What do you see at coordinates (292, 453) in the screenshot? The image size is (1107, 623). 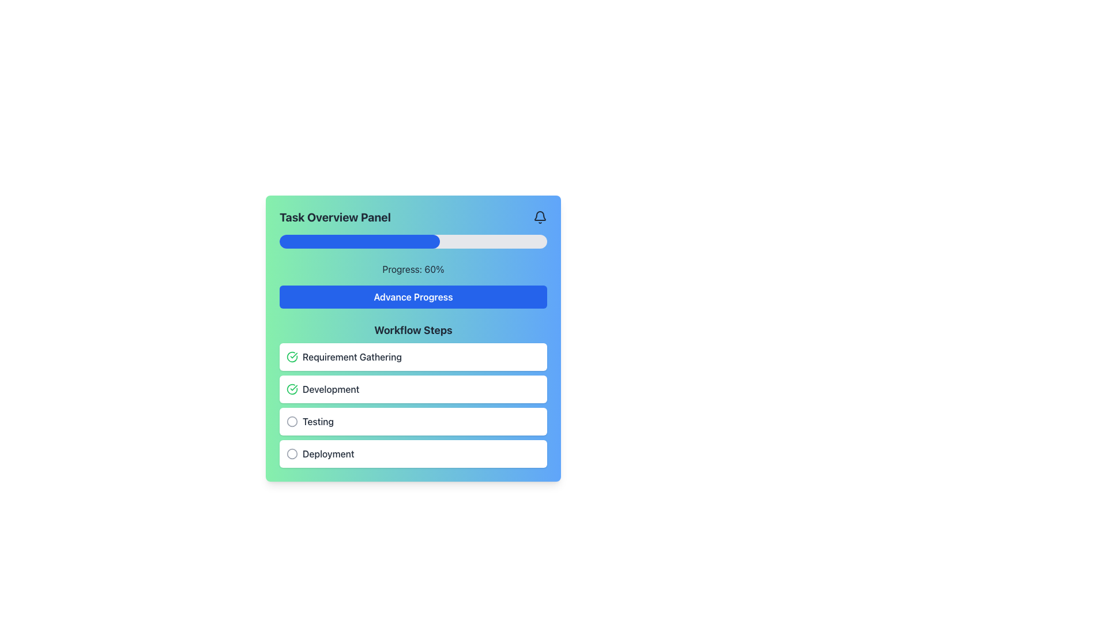 I see `the circular grayish SVG icon associated with the 'Deployment' step in the 'Workflow Steps' section of the panel` at bounding box center [292, 453].